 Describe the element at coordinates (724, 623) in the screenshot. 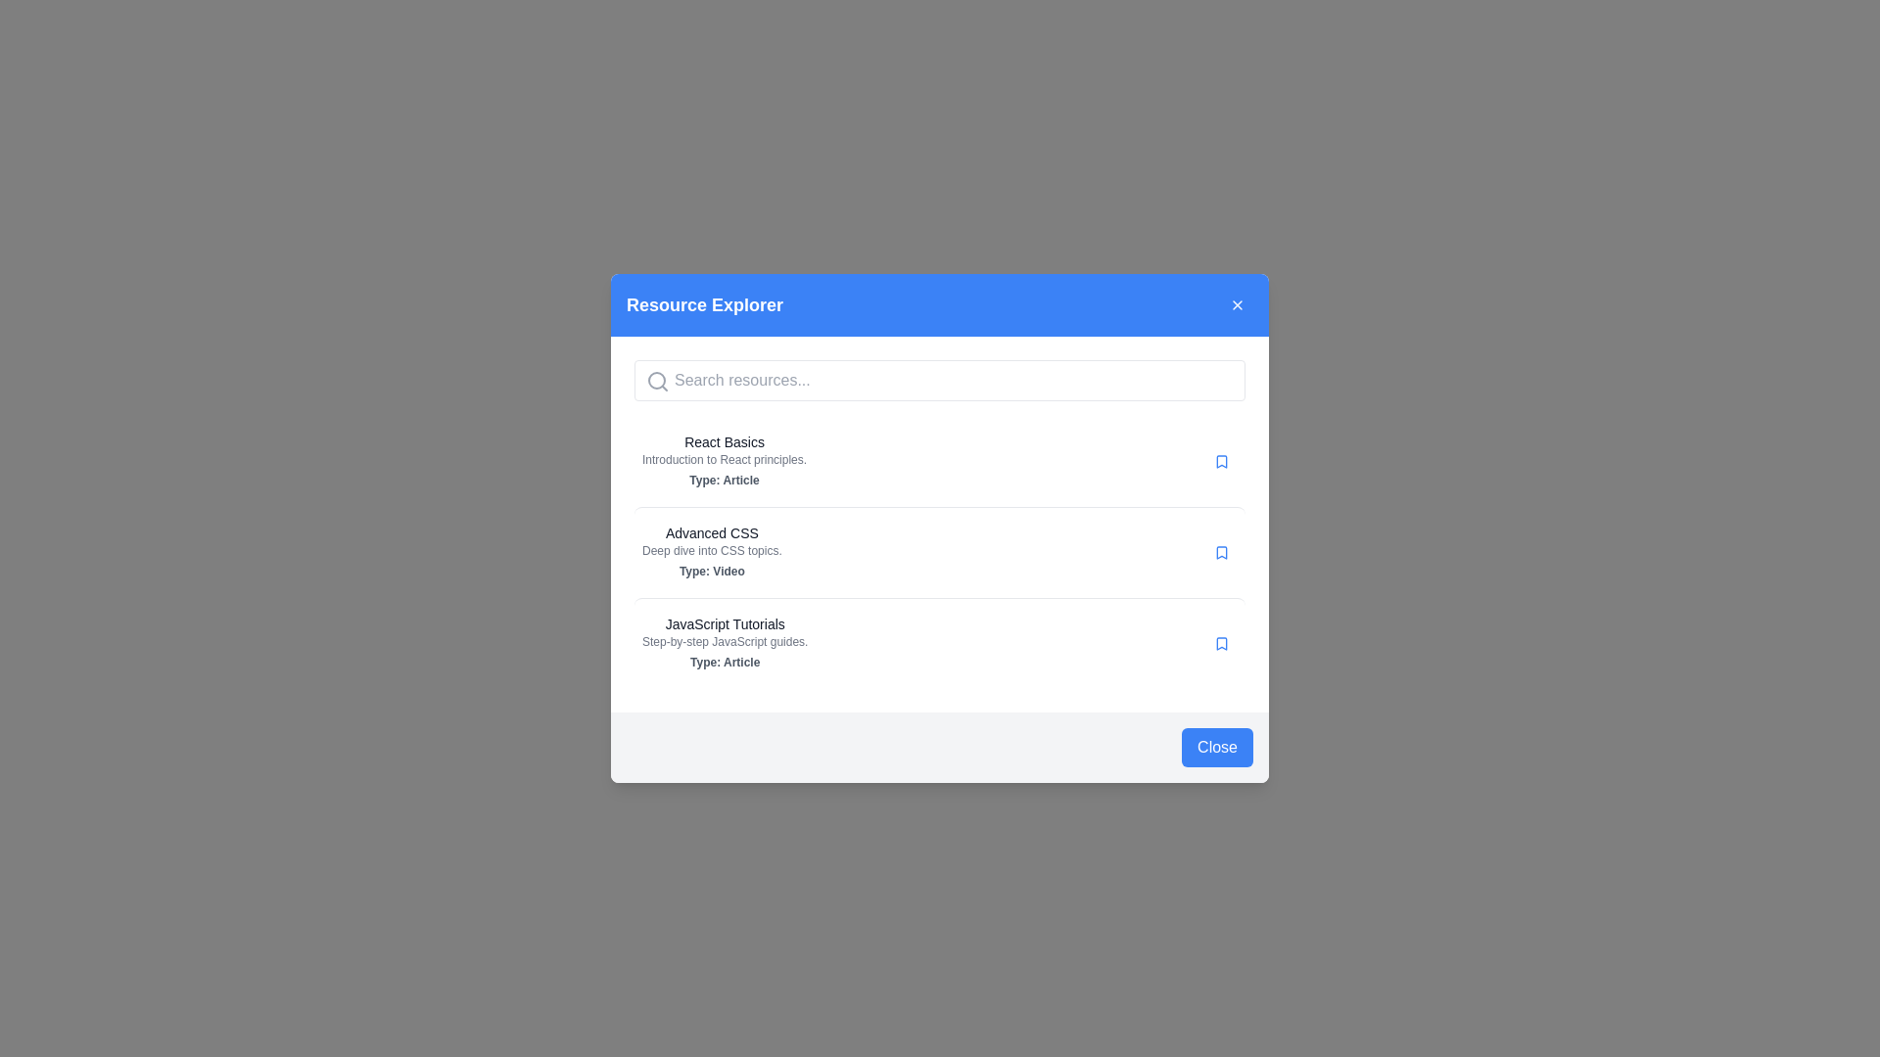

I see `the Text Label element displaying 'JavaScript Tutorials', which is styled in bold dark-gray font and serves as a headline in the Resource Explorer modal` at that location.